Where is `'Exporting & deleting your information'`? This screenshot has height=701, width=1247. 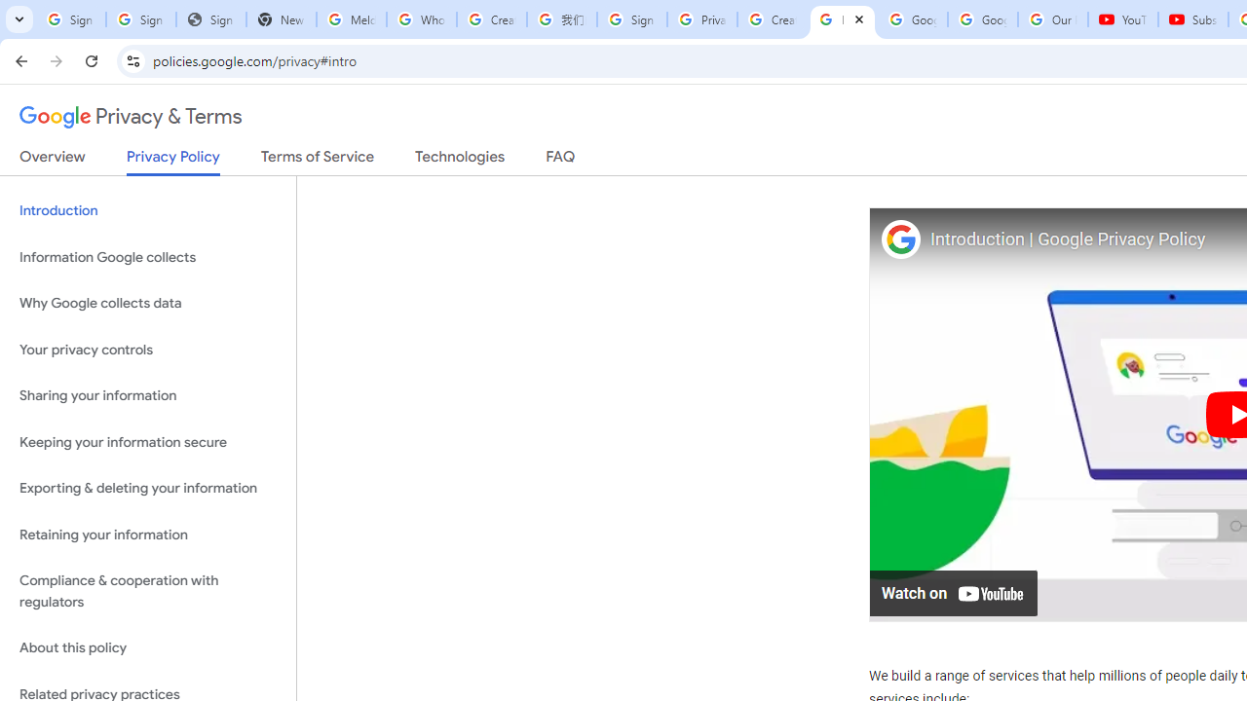
'Exporting & deleting your information' is located at coordinates (147, 488).